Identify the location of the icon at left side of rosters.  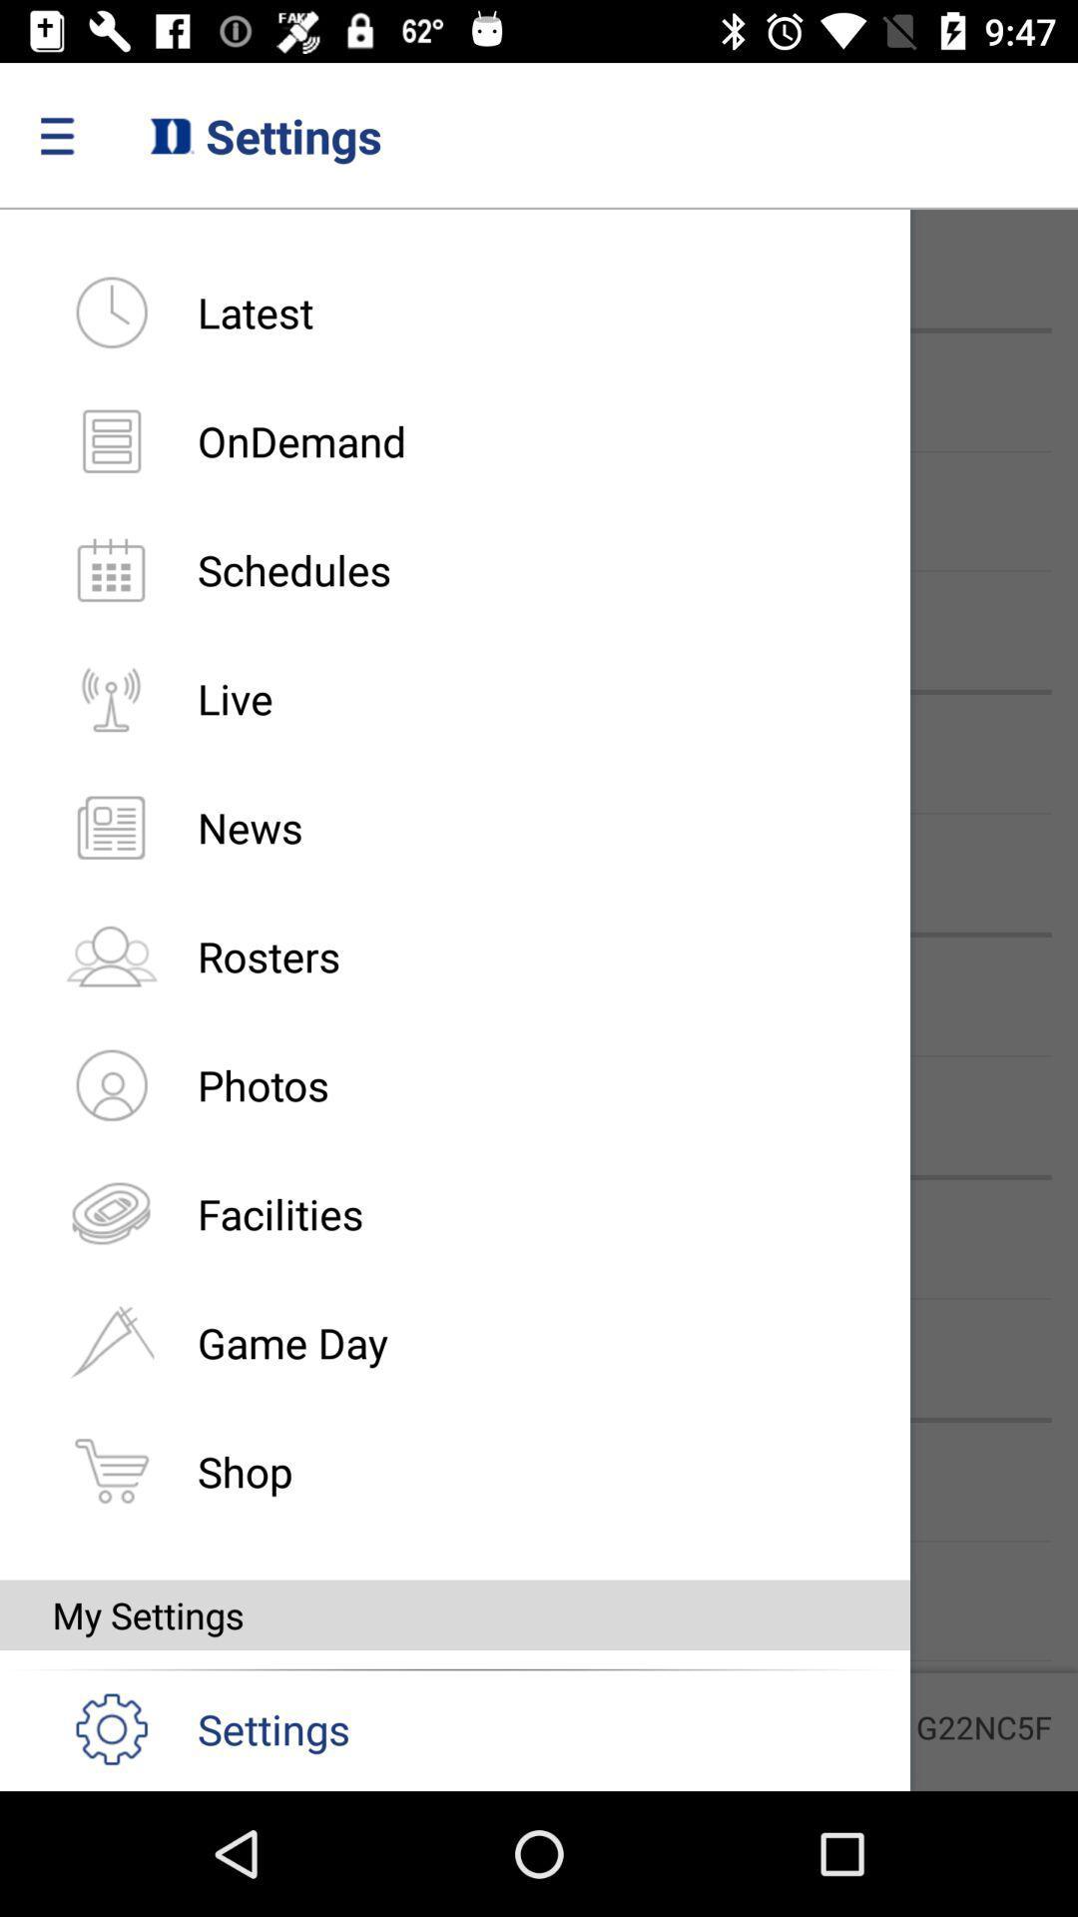
(111, 956).